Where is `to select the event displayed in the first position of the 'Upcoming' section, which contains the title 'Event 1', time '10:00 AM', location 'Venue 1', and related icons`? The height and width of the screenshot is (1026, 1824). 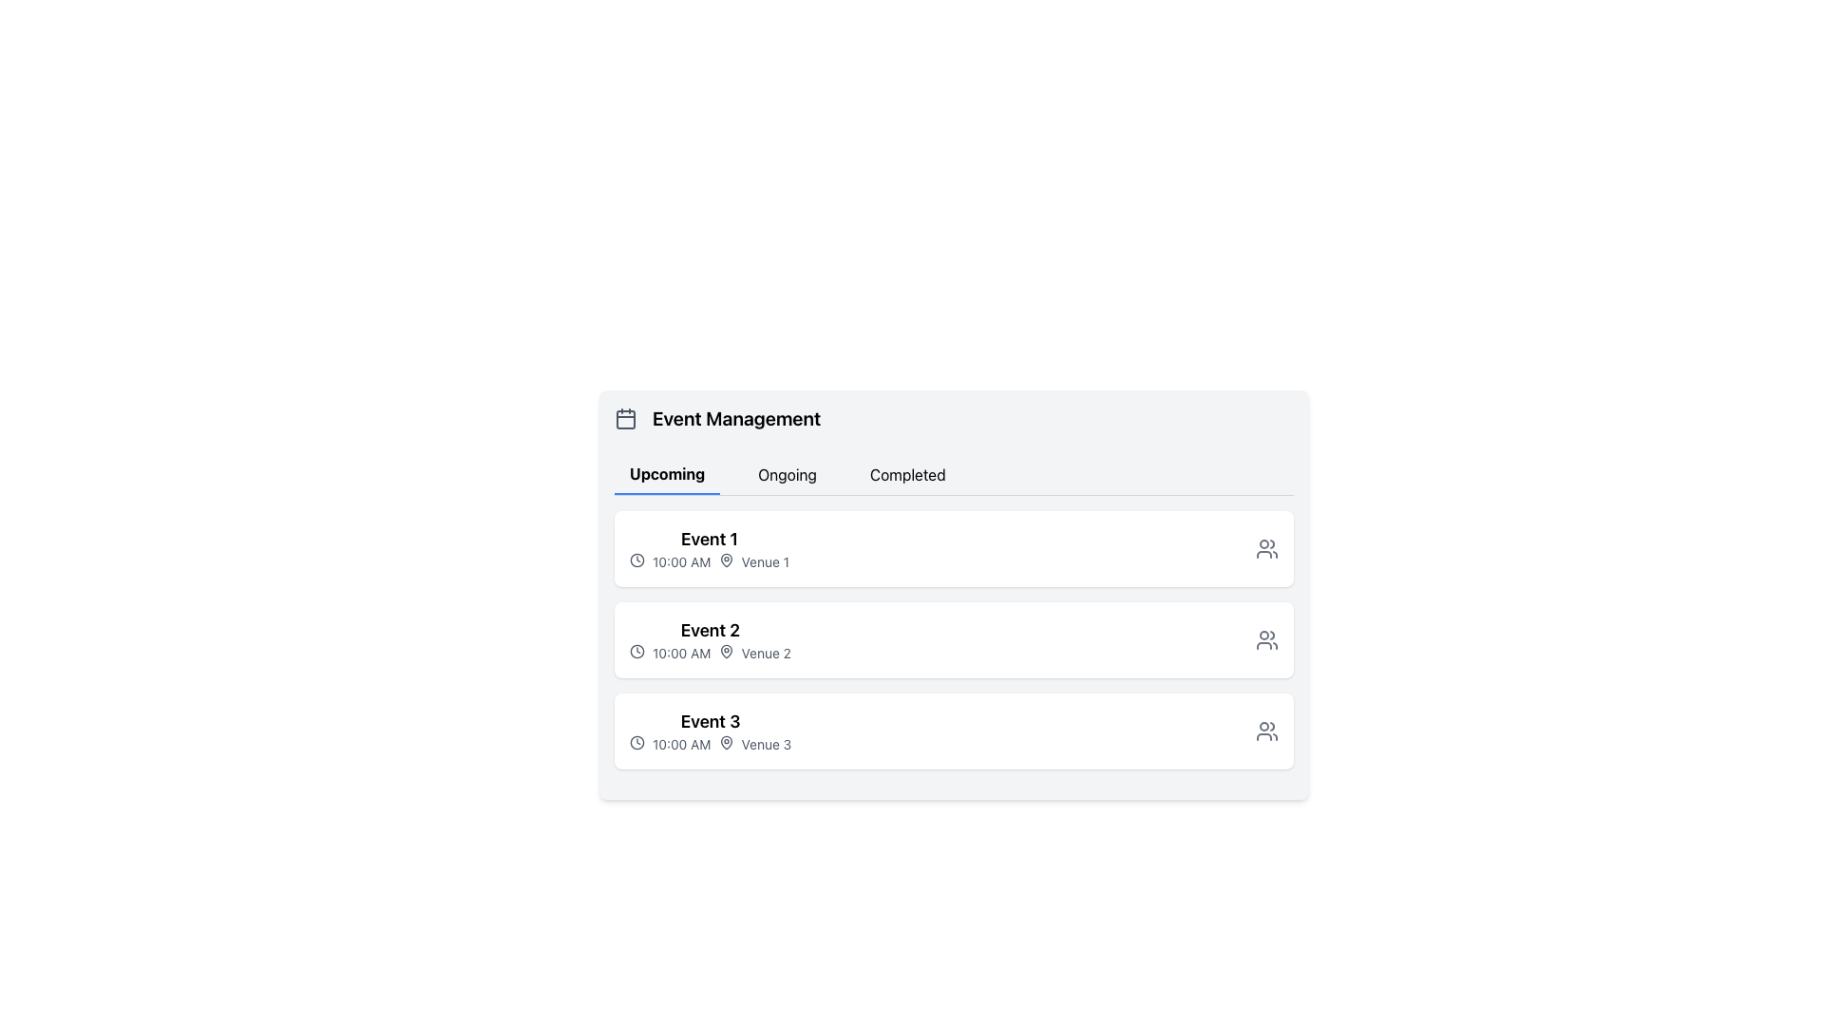 to select the event displayed in the first position of the 'Upcoming' section, which contains the title 'Event 1', time '10:00 AM', location 'Venue 1', and related icons is located at coordinates (954, 549).